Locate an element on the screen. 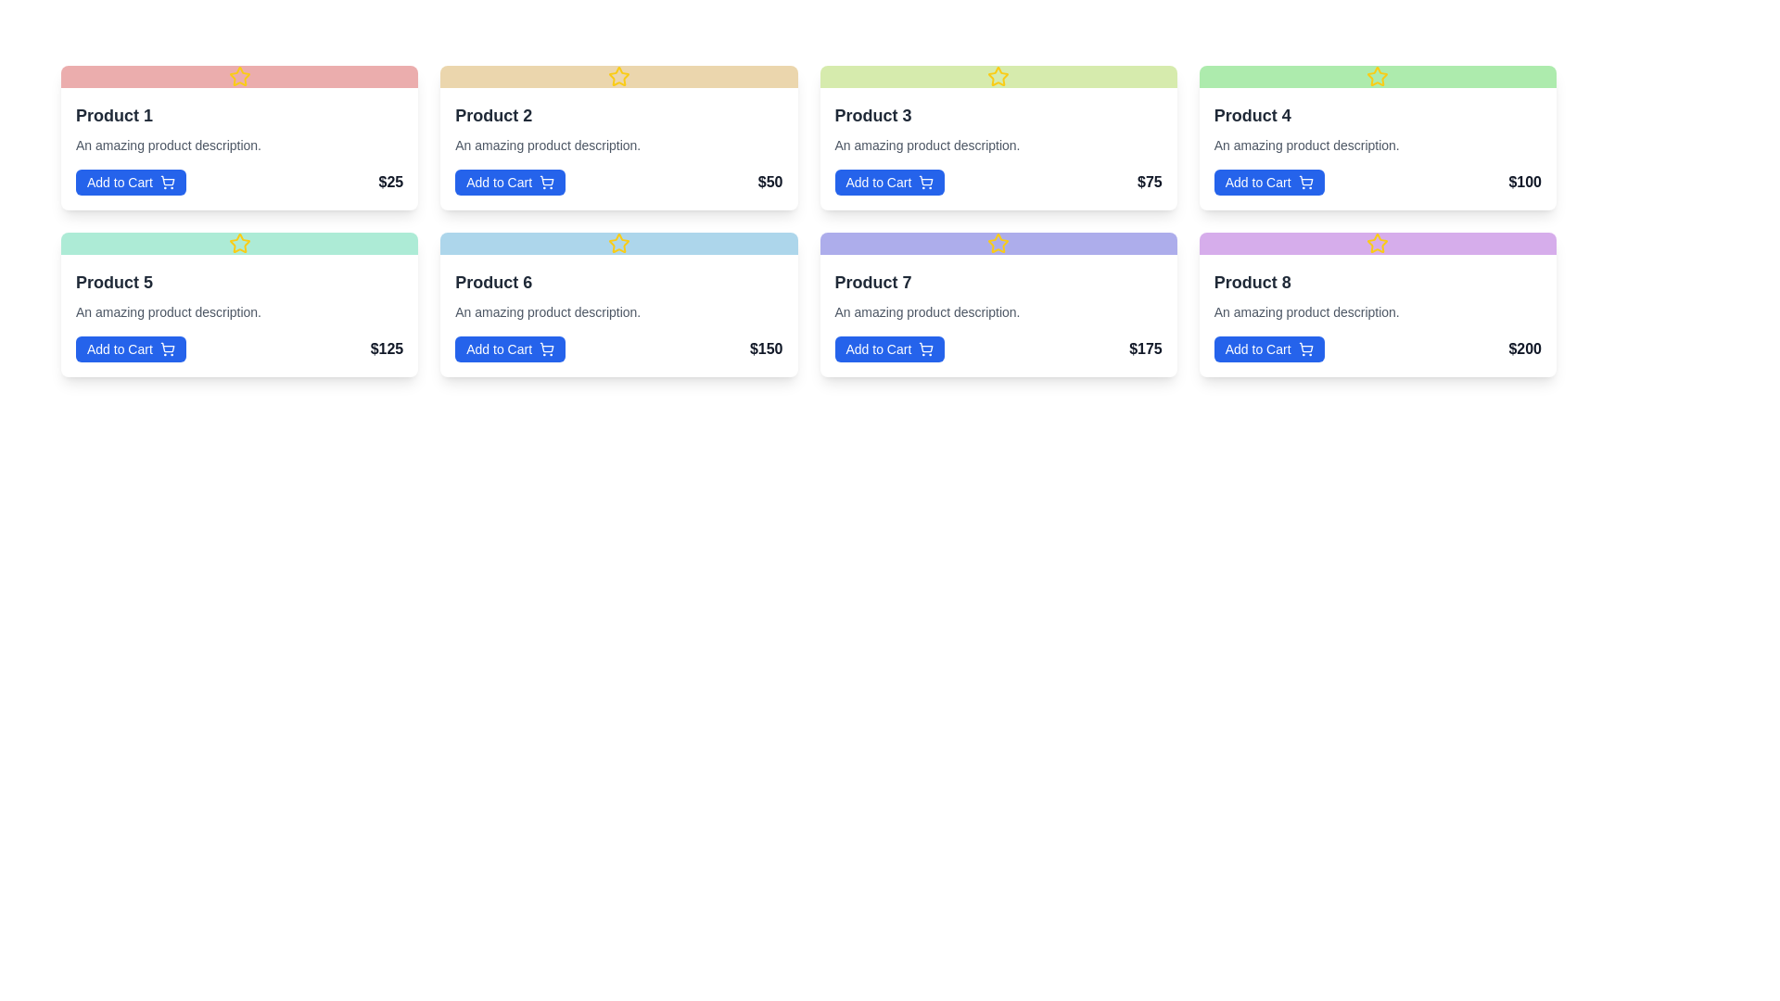 This screenshot has height=1001, width=1780. the text component that provides a brief description of 'Product 8', located under its heading and above the price and 'Add to Cart' button is located at coordinates (1305, 310).